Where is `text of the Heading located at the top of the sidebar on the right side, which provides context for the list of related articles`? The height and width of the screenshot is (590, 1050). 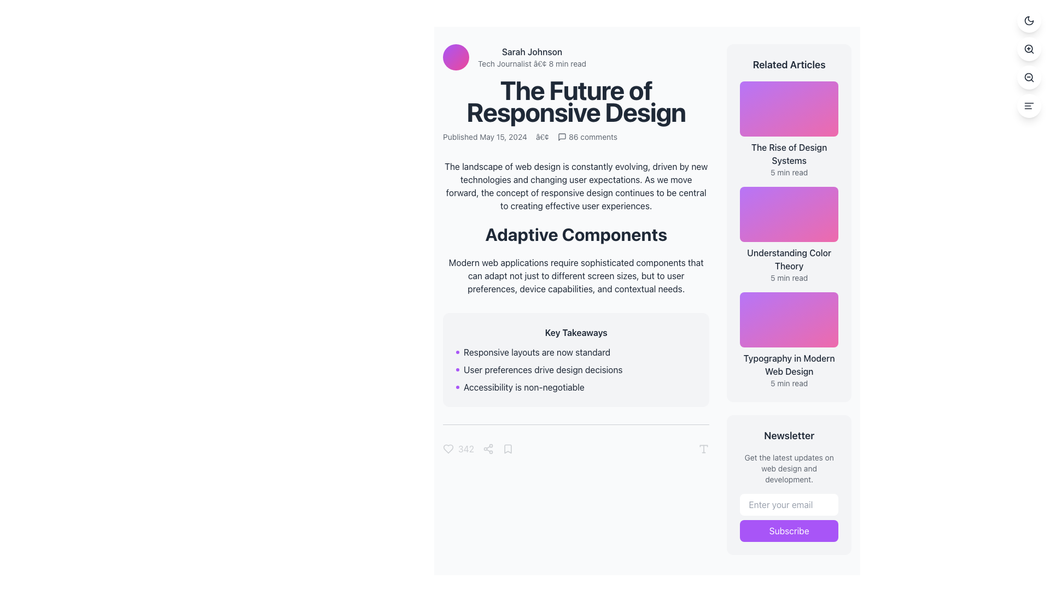 text of the Heading located at the top of the sidebar on the right side, which provides context for the list of related articles is located at coordinates (789, 65).